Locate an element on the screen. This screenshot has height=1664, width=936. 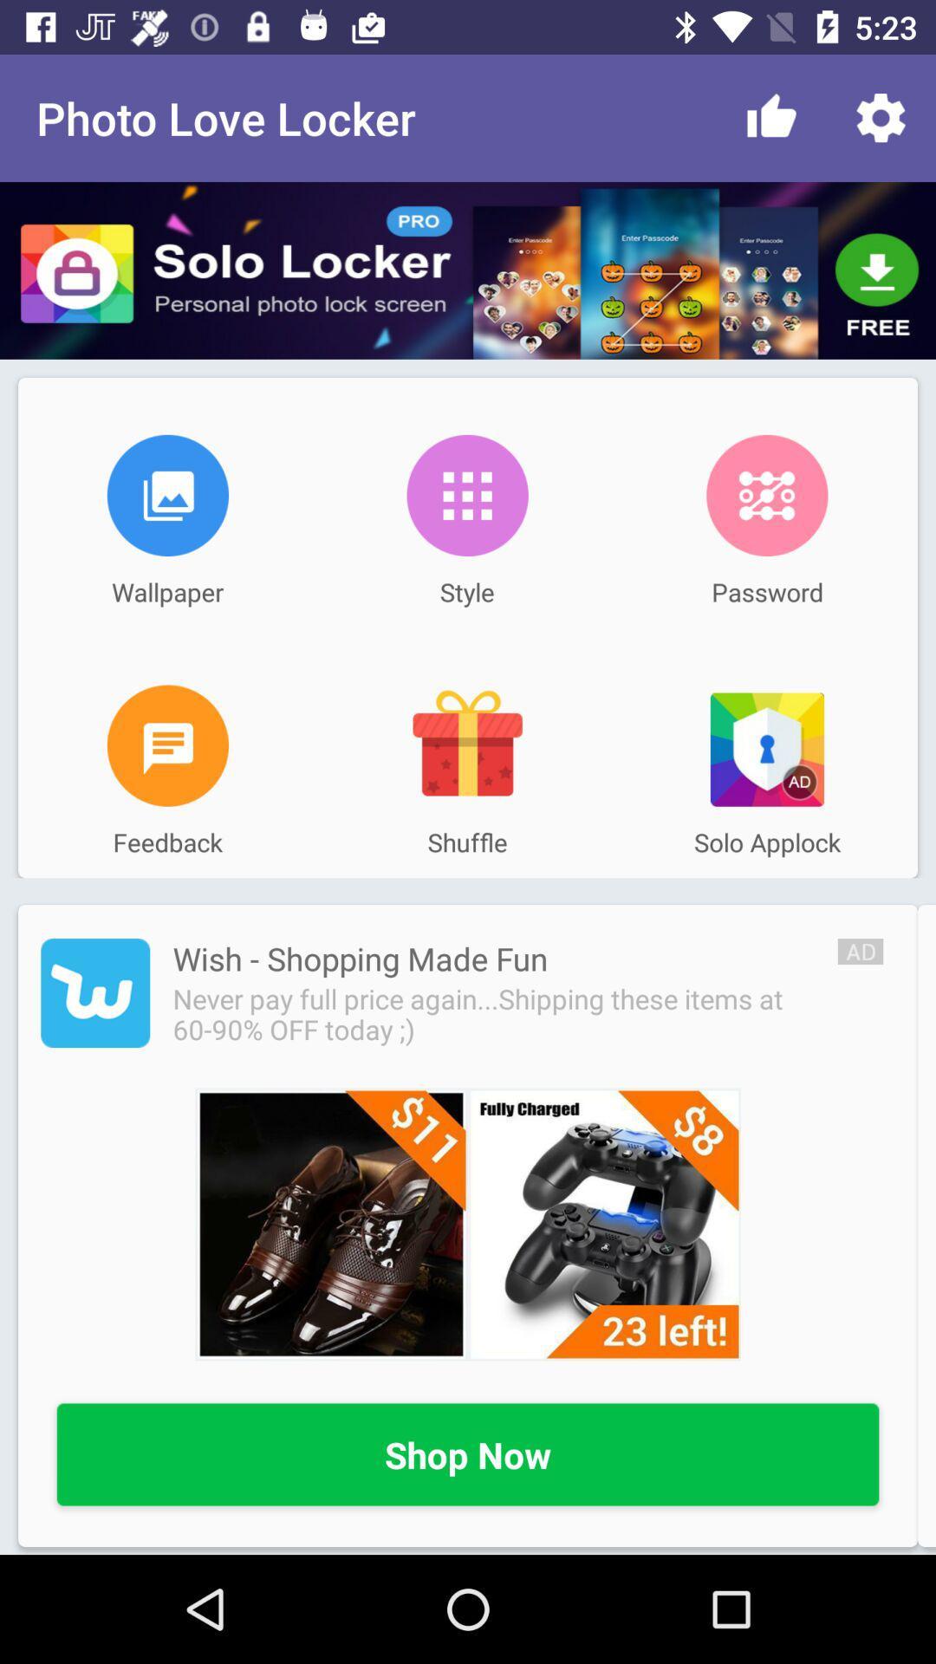
icon next to wallpaper is located at coordinates (466, 494).